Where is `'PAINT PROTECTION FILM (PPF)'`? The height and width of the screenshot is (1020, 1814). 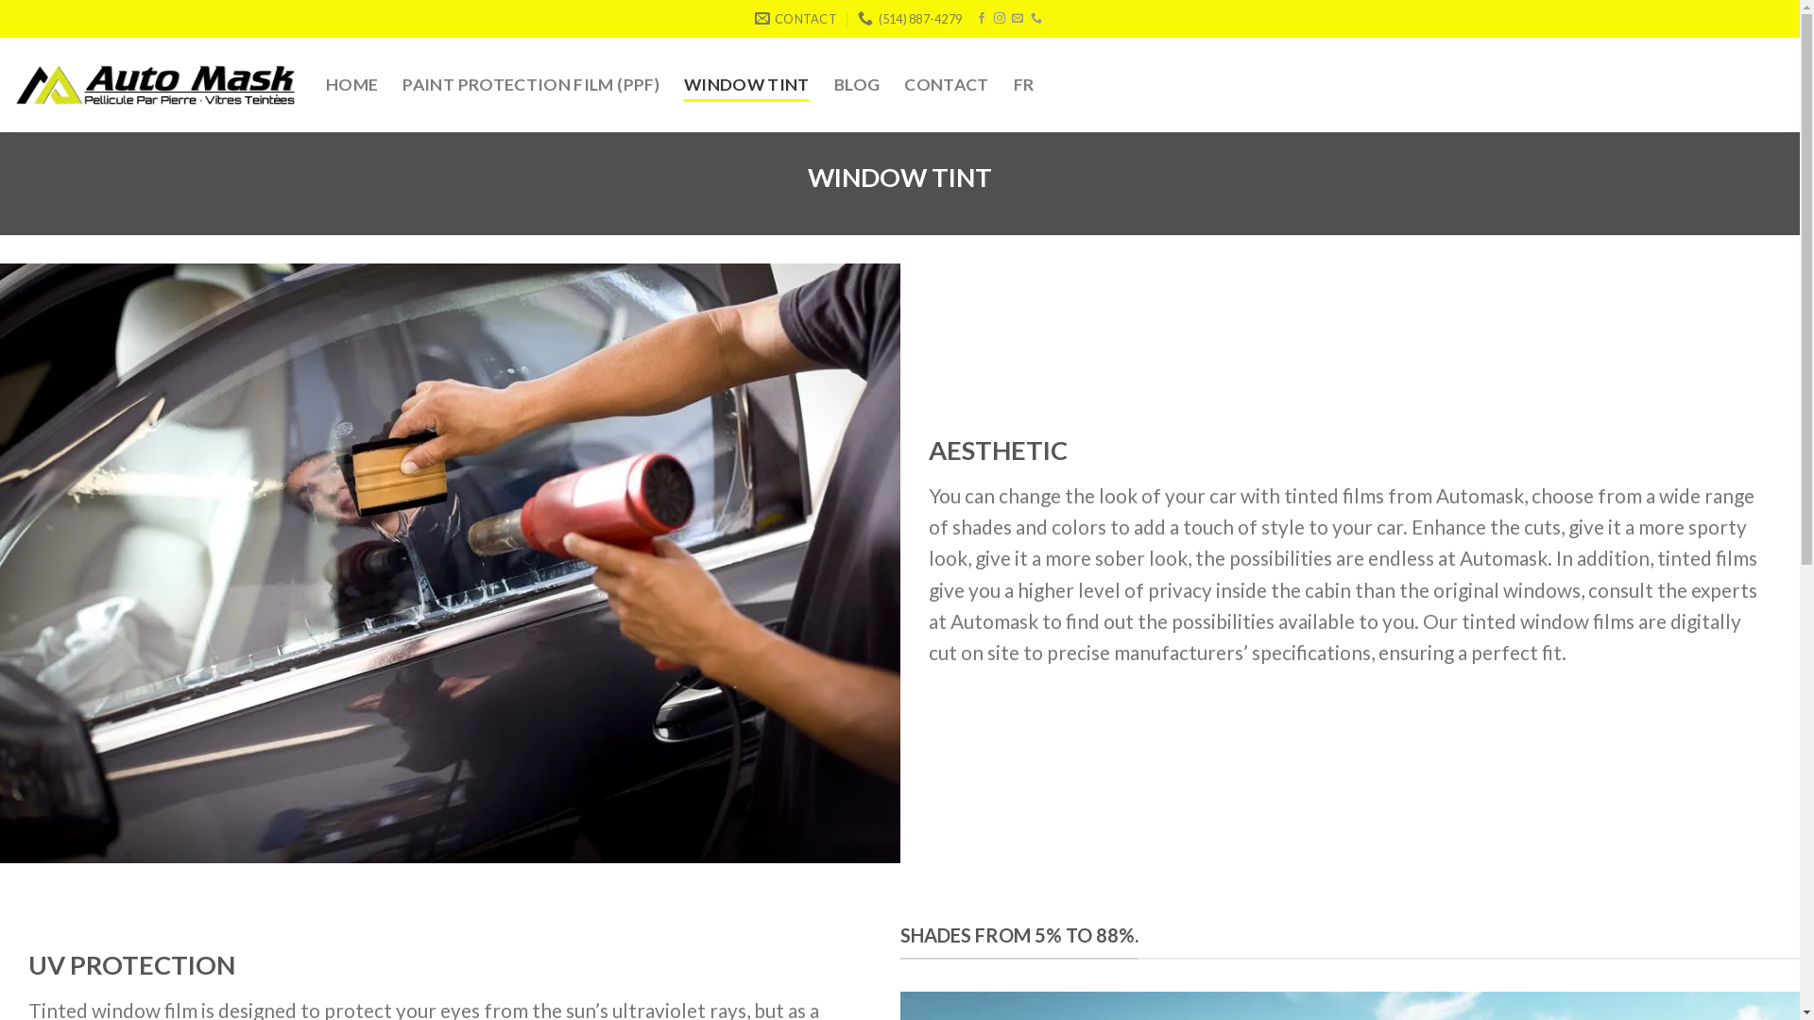 'PAINT PROTECTION FILM (PPF)' is located at coordinates (402, 83).